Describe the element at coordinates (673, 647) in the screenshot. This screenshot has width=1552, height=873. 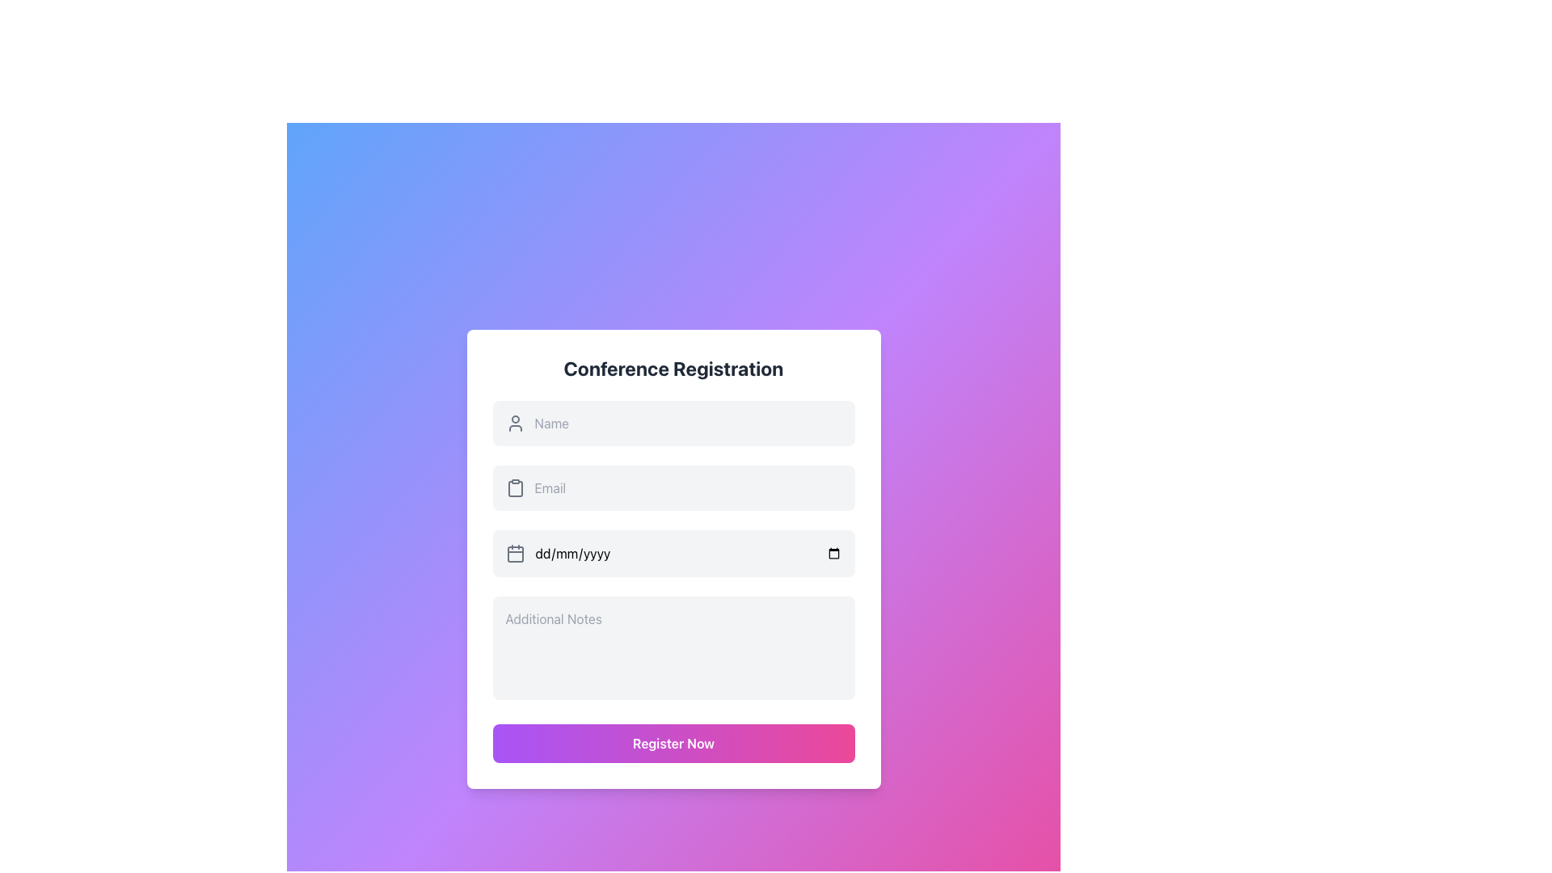
I see `the text within the text area input field located beneath the date selection input in the Conference Registration form` at that location.